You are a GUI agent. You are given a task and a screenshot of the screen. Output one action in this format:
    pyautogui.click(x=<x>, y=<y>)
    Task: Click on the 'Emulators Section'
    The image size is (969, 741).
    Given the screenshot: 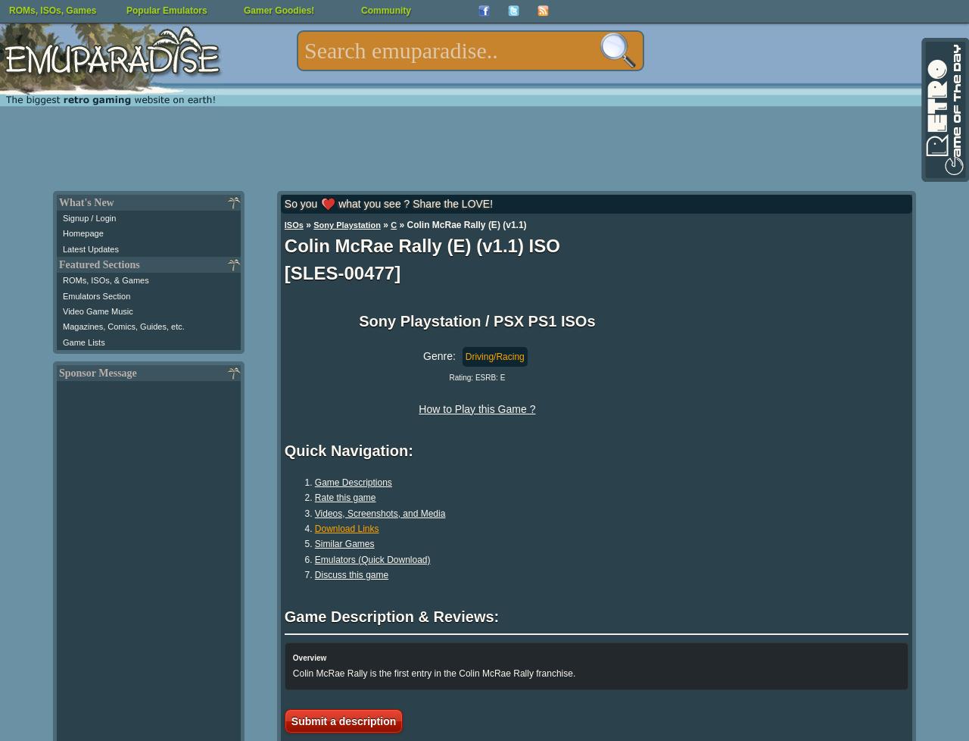 What is the action you would take?
    pyautogui.click(x=95, y=295)
    